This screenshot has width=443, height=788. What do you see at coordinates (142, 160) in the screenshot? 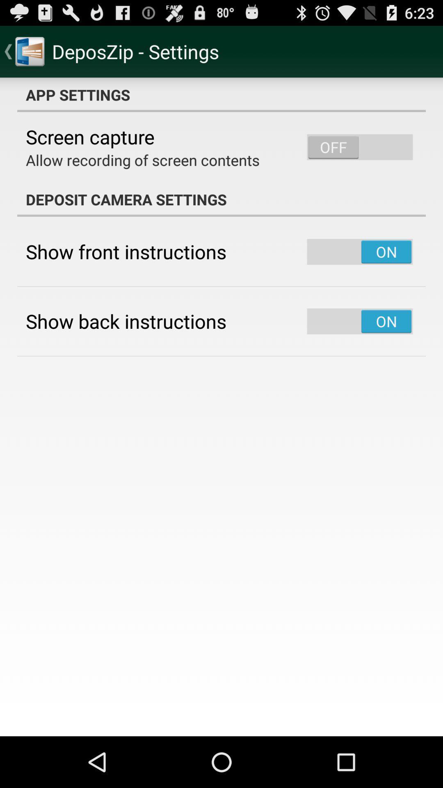
I see `item above the deposit camera settings app` at bounding box center [142, 160].